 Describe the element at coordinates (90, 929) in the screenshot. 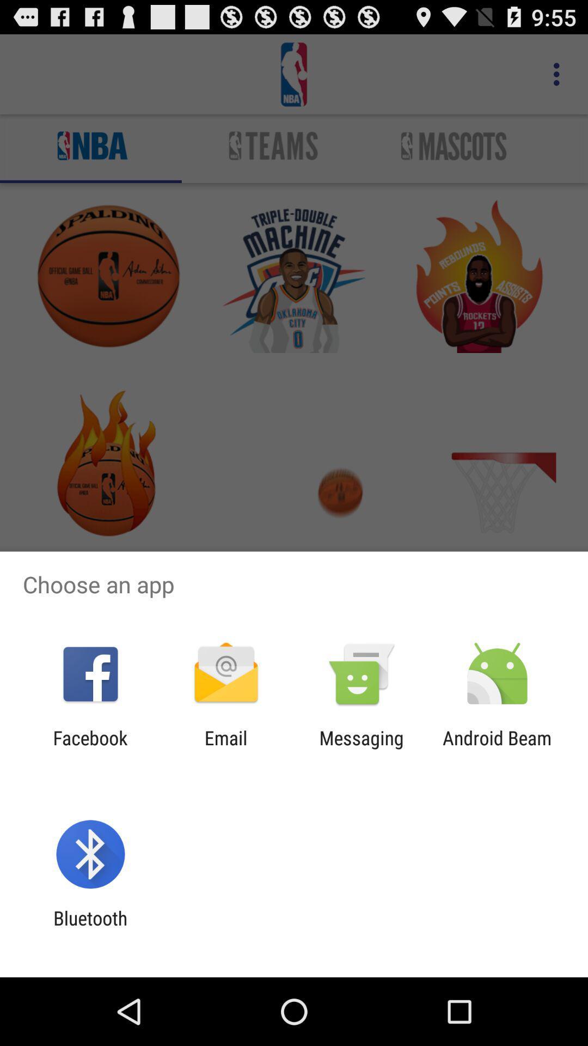

I see `the bluetooth item` at that location.